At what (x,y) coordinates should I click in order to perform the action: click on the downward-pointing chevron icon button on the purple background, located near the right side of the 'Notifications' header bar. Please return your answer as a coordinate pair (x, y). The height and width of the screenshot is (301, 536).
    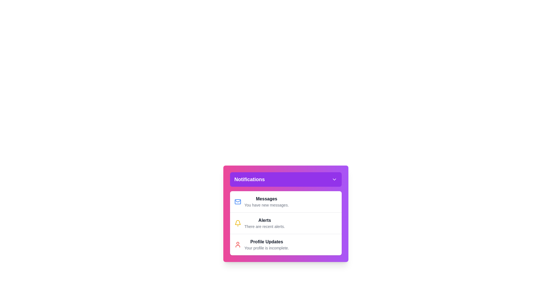
    Looking at the image, I should click on (334, 179).